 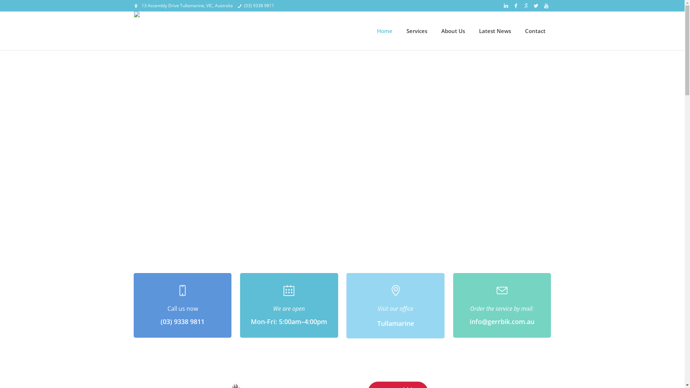 I want to click on 'Latest News', so click(x=494, y=30).